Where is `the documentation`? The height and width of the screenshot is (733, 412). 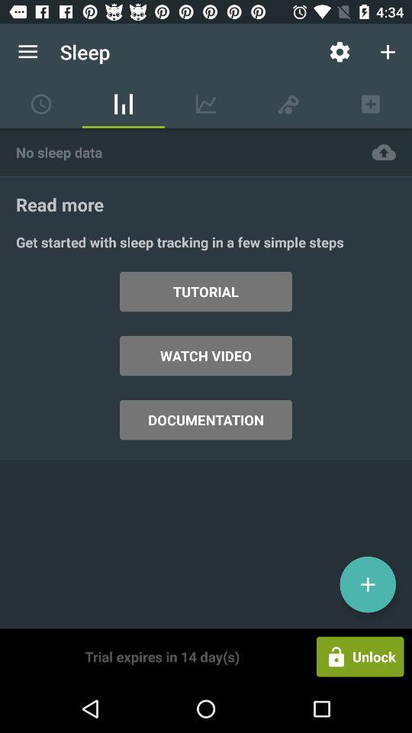
the documentation is located at coordinates (206, 420).